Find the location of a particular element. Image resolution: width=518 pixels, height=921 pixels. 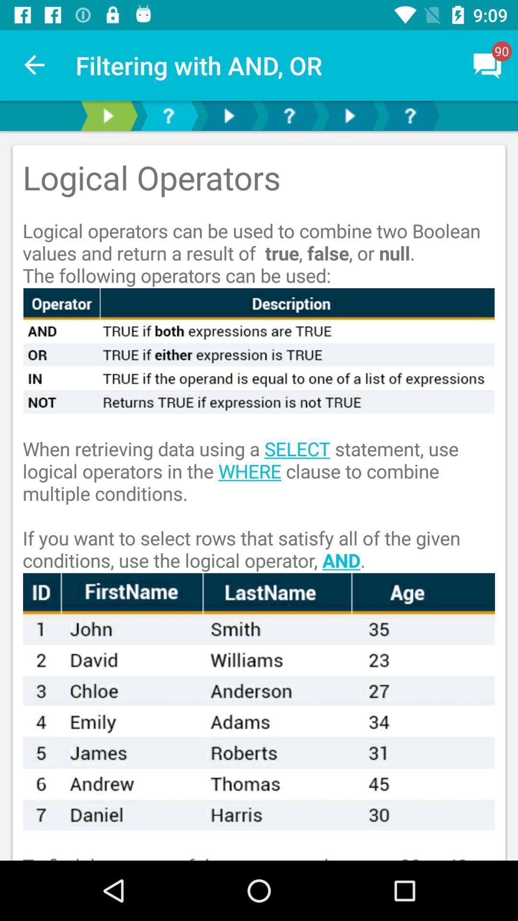

the icon above logical operators is located at coordinates (488, 65).